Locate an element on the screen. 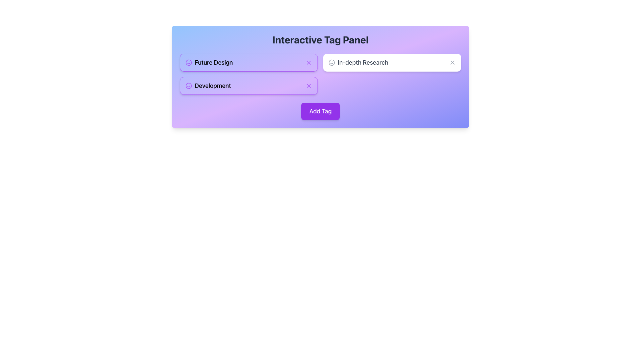 Image resolution: width=637 pixels, height=358 pixels. the text label indicating the name or label of a tag, located between a purple smiley icon and a close button within a vertical list of tags is located at coordinates (214, 63).